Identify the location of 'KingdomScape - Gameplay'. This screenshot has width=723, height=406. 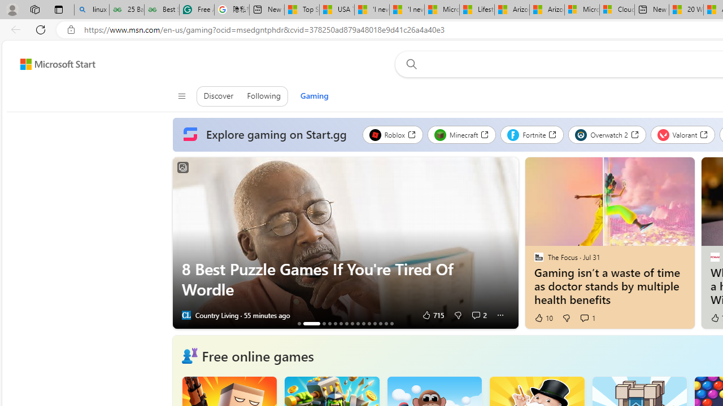
(363, 323).